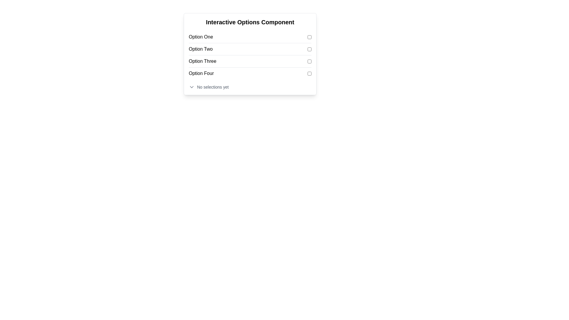  What do you see at coordinates (250, 54) in the screenshot?
I see `the checkbox labeled 'Option Two' in the 'Interactive Options Component'` at bounding box center [250, 54].